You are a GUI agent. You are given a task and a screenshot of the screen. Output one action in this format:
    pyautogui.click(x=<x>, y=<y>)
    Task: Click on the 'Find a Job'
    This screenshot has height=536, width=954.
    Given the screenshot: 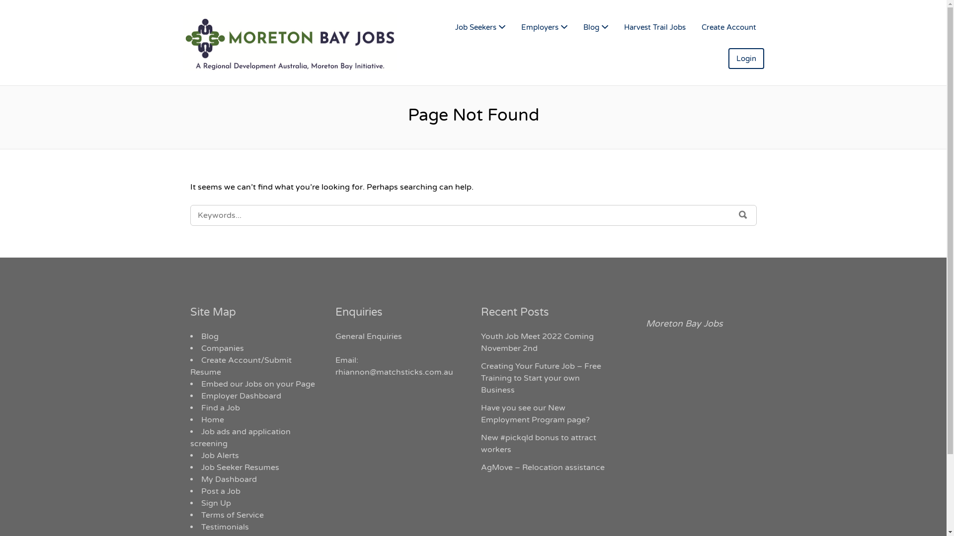 What is the action you would take?
    pyautogui.click(x=219, y=407)
    